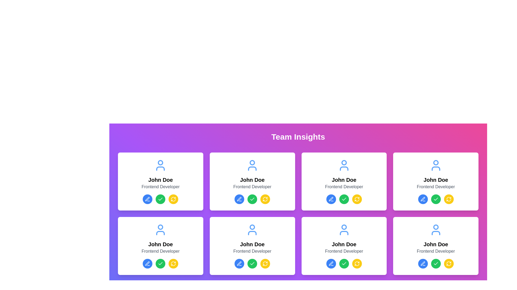  Describe the element at coordinates (160, 199) in the screenshot. I see `the success indicator icon located inside the card in the second row, first column of the layout grid to confirm the selection` at that location.